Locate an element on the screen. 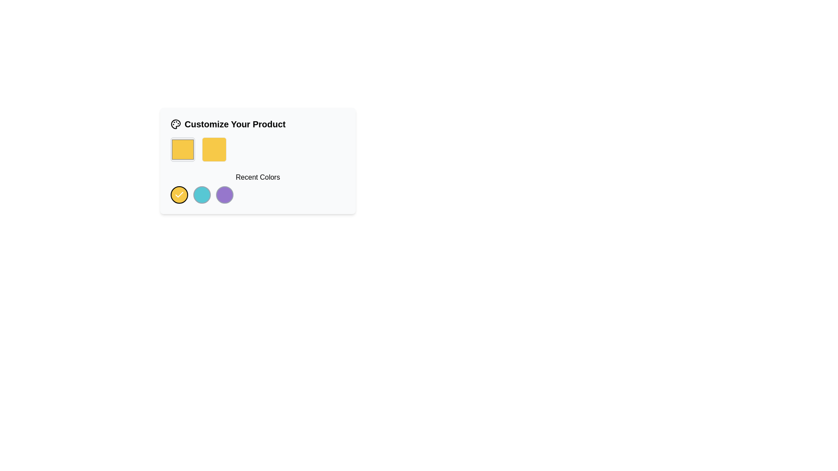  the unbordered yellow square located to the right of the bordered yellow square in the product customization section is located at coordinates (257, 149).